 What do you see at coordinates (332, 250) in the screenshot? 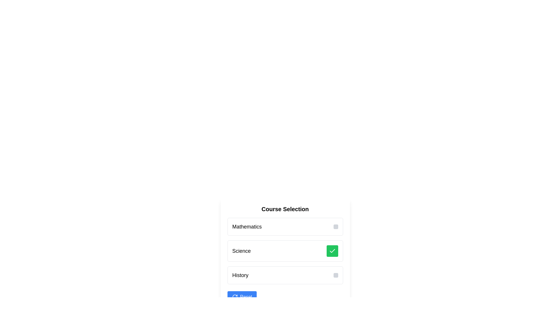
I see `the green square icon indicating the selected 'Science' course` at bounding box center [332, 250].